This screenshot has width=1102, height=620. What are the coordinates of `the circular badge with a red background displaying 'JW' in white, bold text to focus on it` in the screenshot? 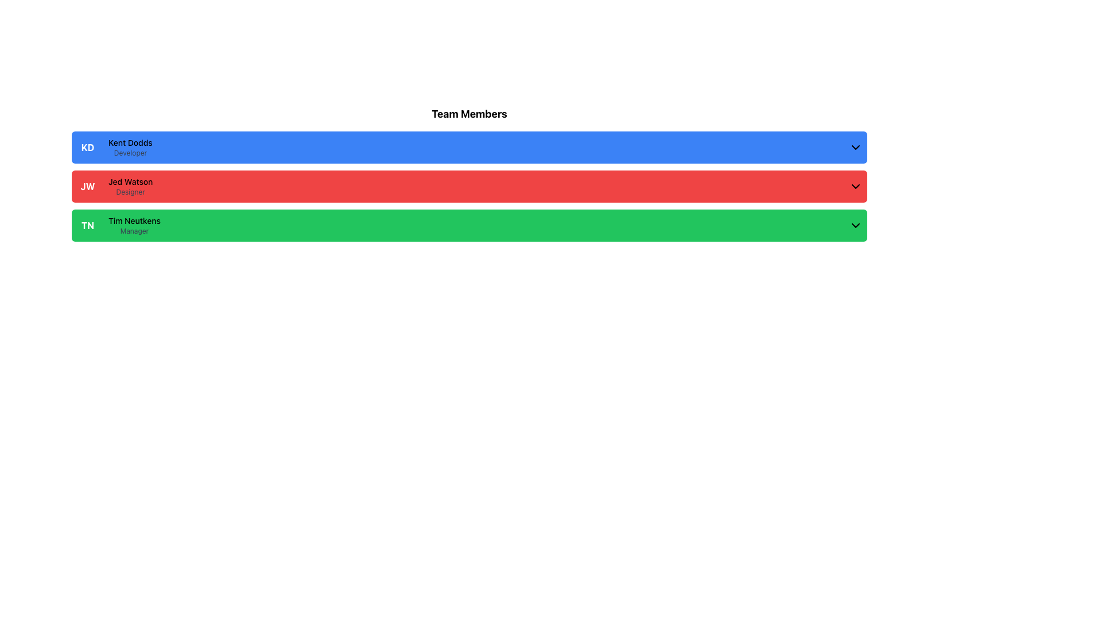 It's located at (87, 185).